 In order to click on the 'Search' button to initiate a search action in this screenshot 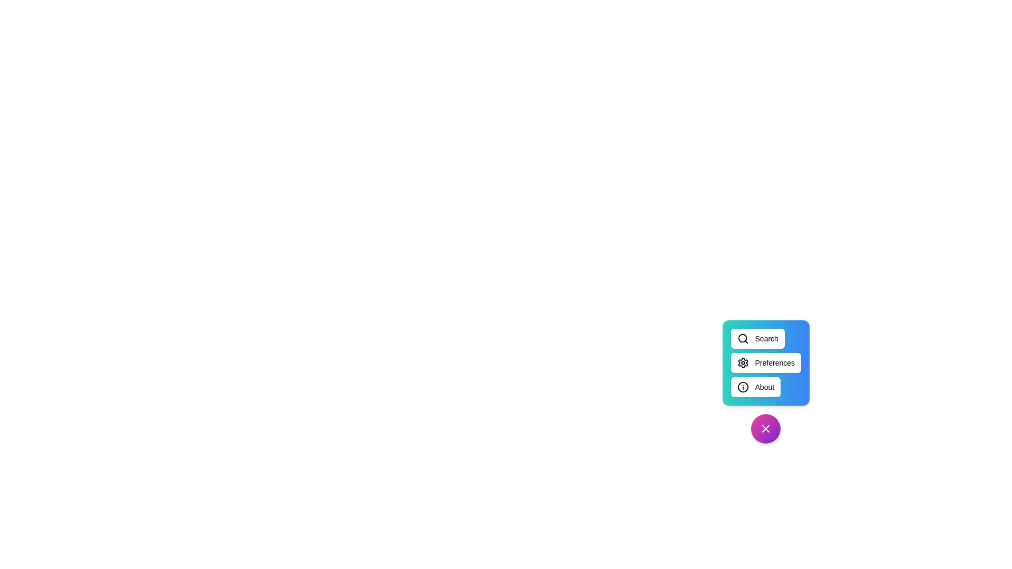, I will do `click(757, 339)`.